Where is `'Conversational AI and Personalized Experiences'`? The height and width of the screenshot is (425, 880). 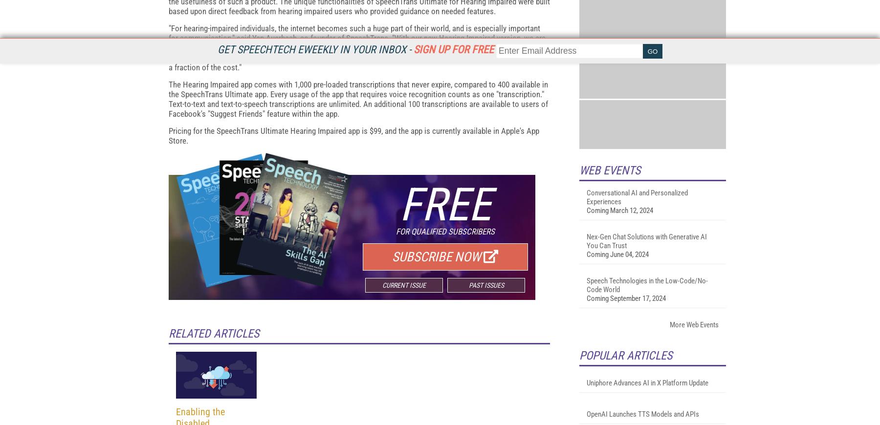
'Conversational AI and Personalized Experiences' is located at coordinates (637, 314).